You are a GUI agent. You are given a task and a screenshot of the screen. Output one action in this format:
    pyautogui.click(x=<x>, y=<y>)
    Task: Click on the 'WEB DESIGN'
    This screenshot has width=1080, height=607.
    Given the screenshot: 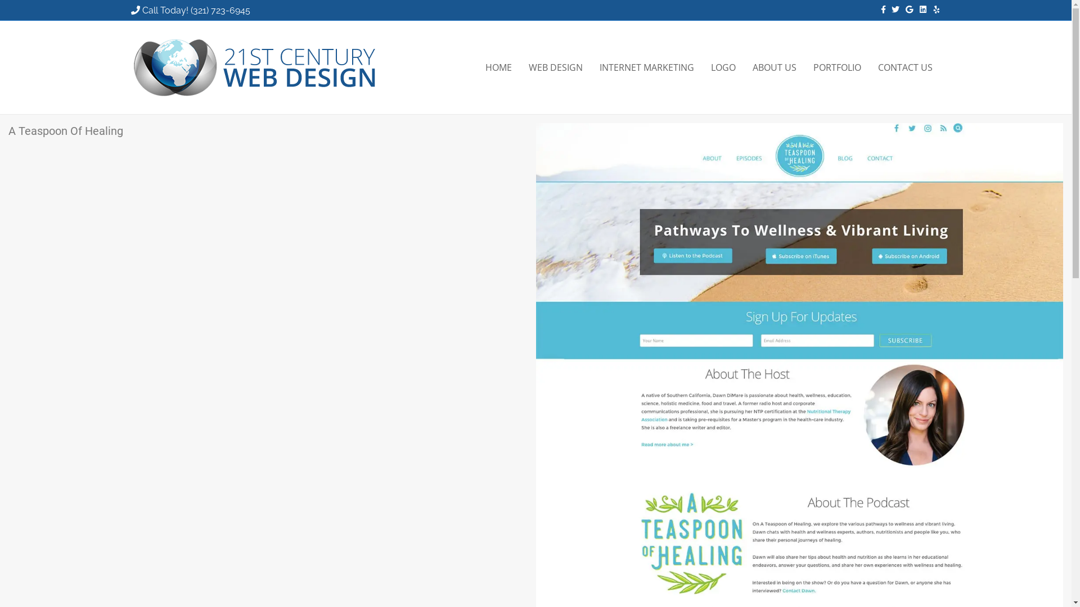 What is the action you would take?
    pyautogui.click(x=555, y=67)
    